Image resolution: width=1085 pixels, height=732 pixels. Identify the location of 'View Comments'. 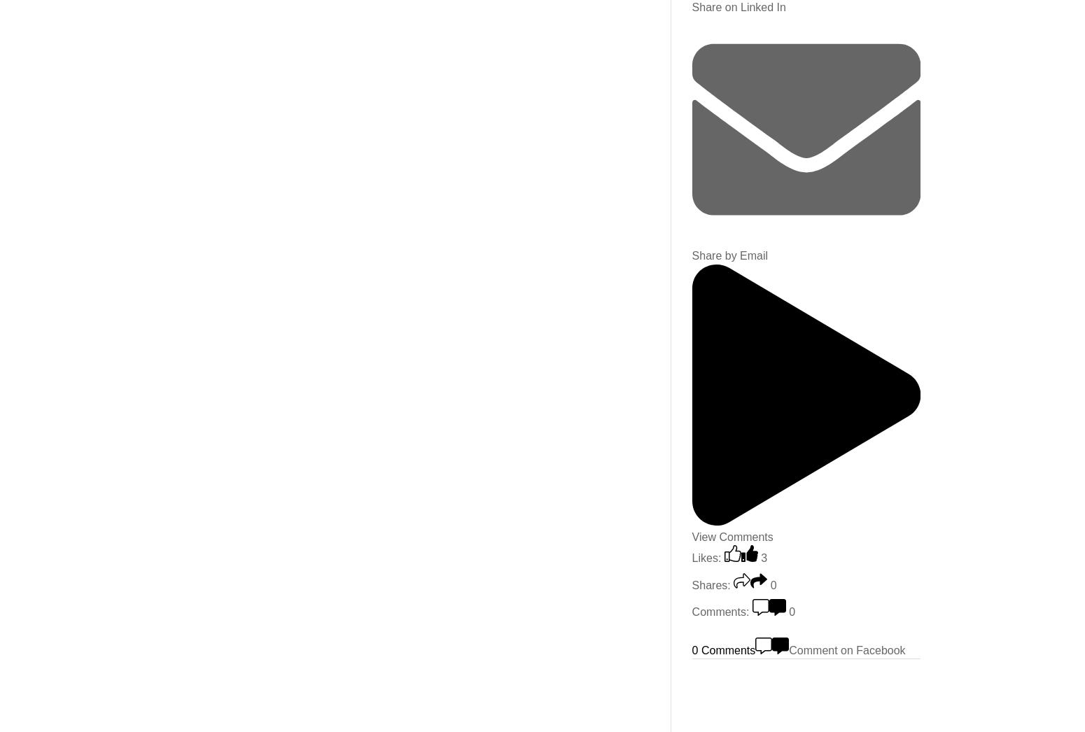
(731, 535).